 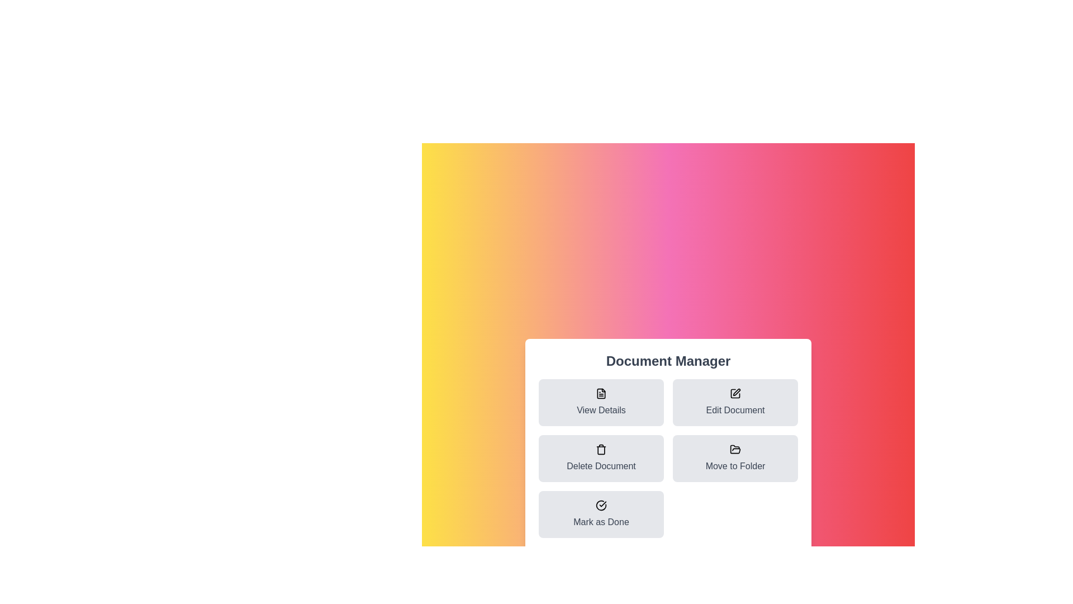 I want to click on the 'View Details' button to view the document's details, so click(x=600, y=403).